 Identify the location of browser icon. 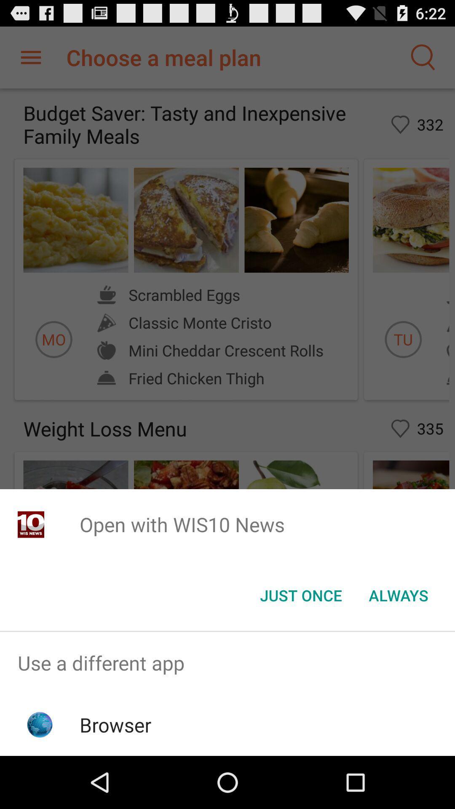
(115, 724).